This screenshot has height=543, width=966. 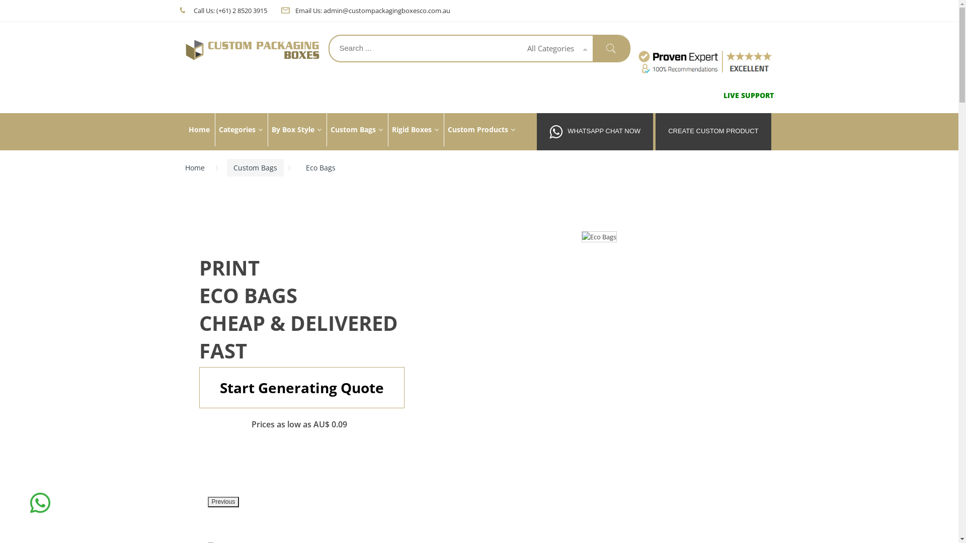 What do you see at coordinates (253, 50) in the screenshot?
I see `'CustomPackagingBoxes'` at bounding box center [253, 50].